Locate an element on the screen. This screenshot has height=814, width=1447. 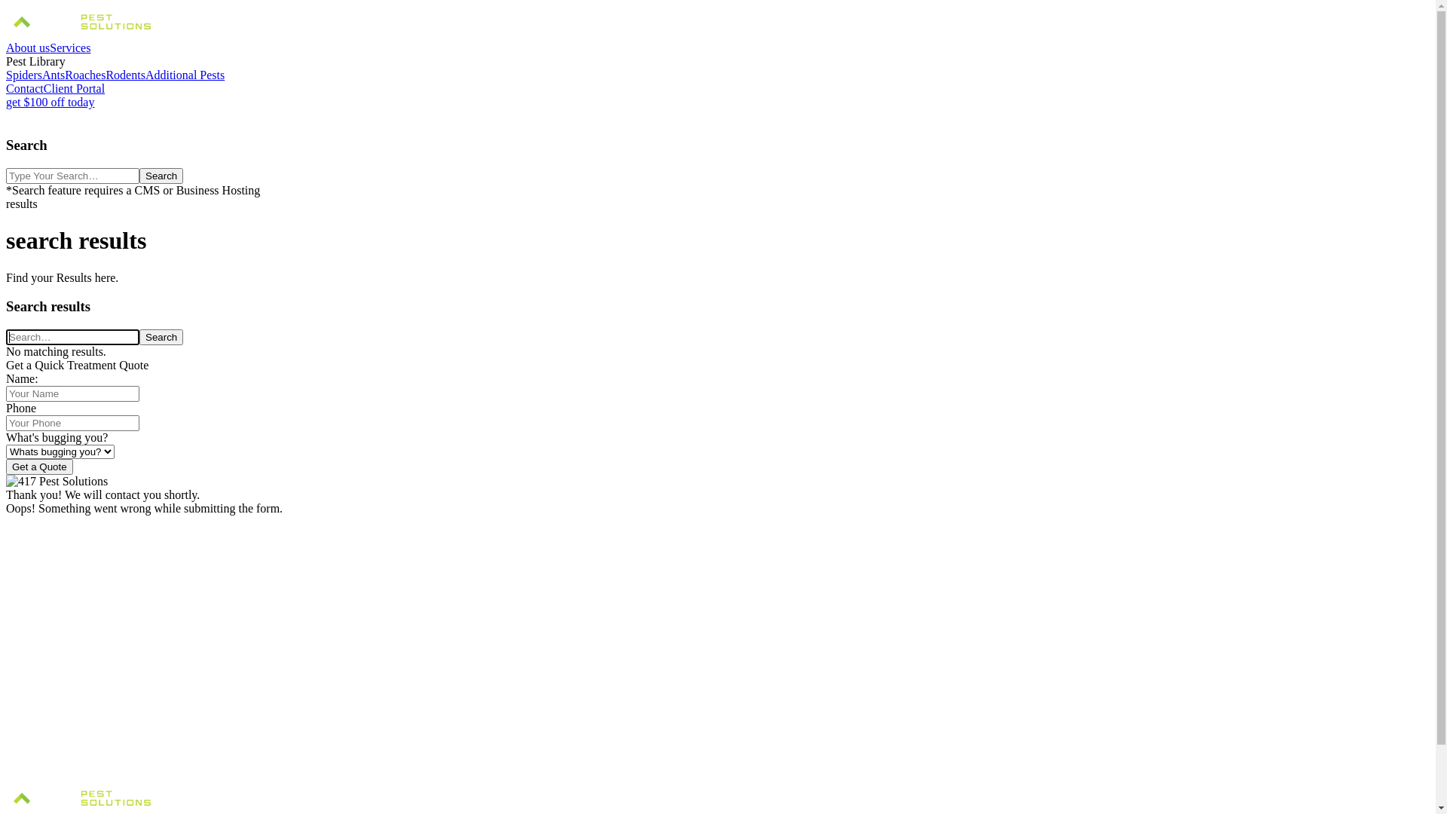
'Search' is located at coordinates (139, 175).